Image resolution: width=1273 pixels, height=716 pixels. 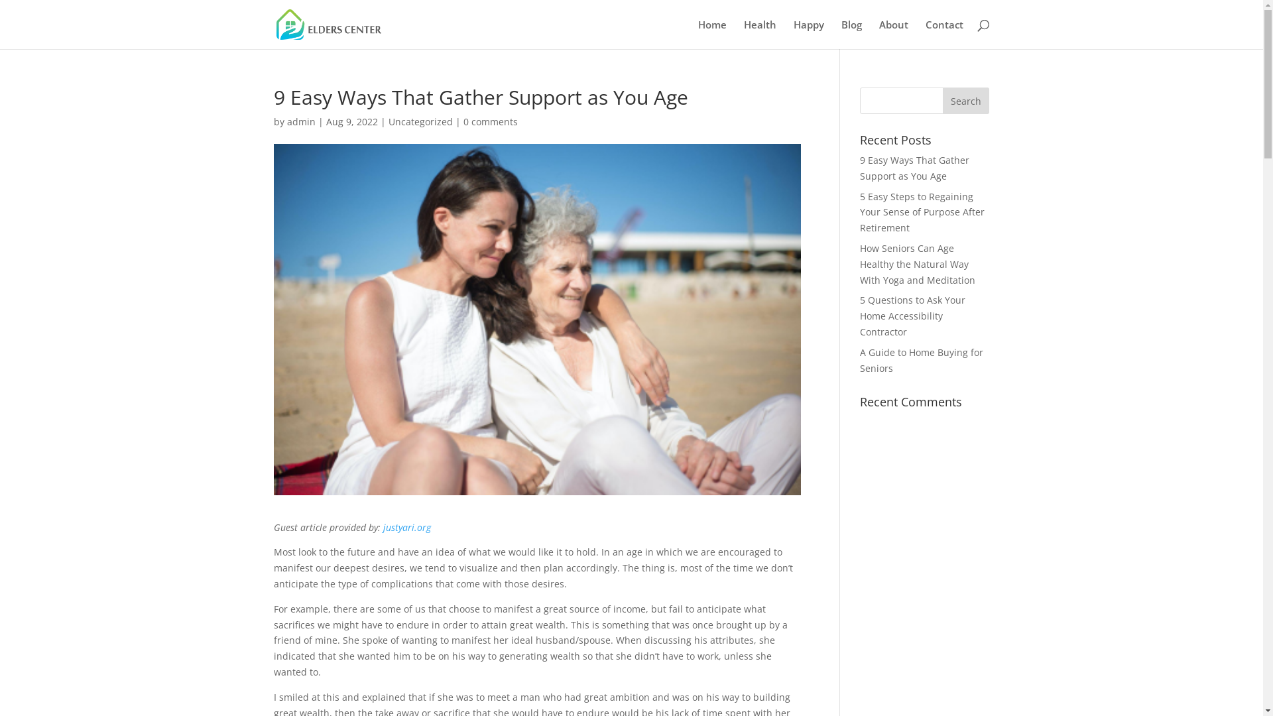 What do you see at coordinates (744, 33) in the screenshot?
I see `'Health'` at bounding box center [744, 33].